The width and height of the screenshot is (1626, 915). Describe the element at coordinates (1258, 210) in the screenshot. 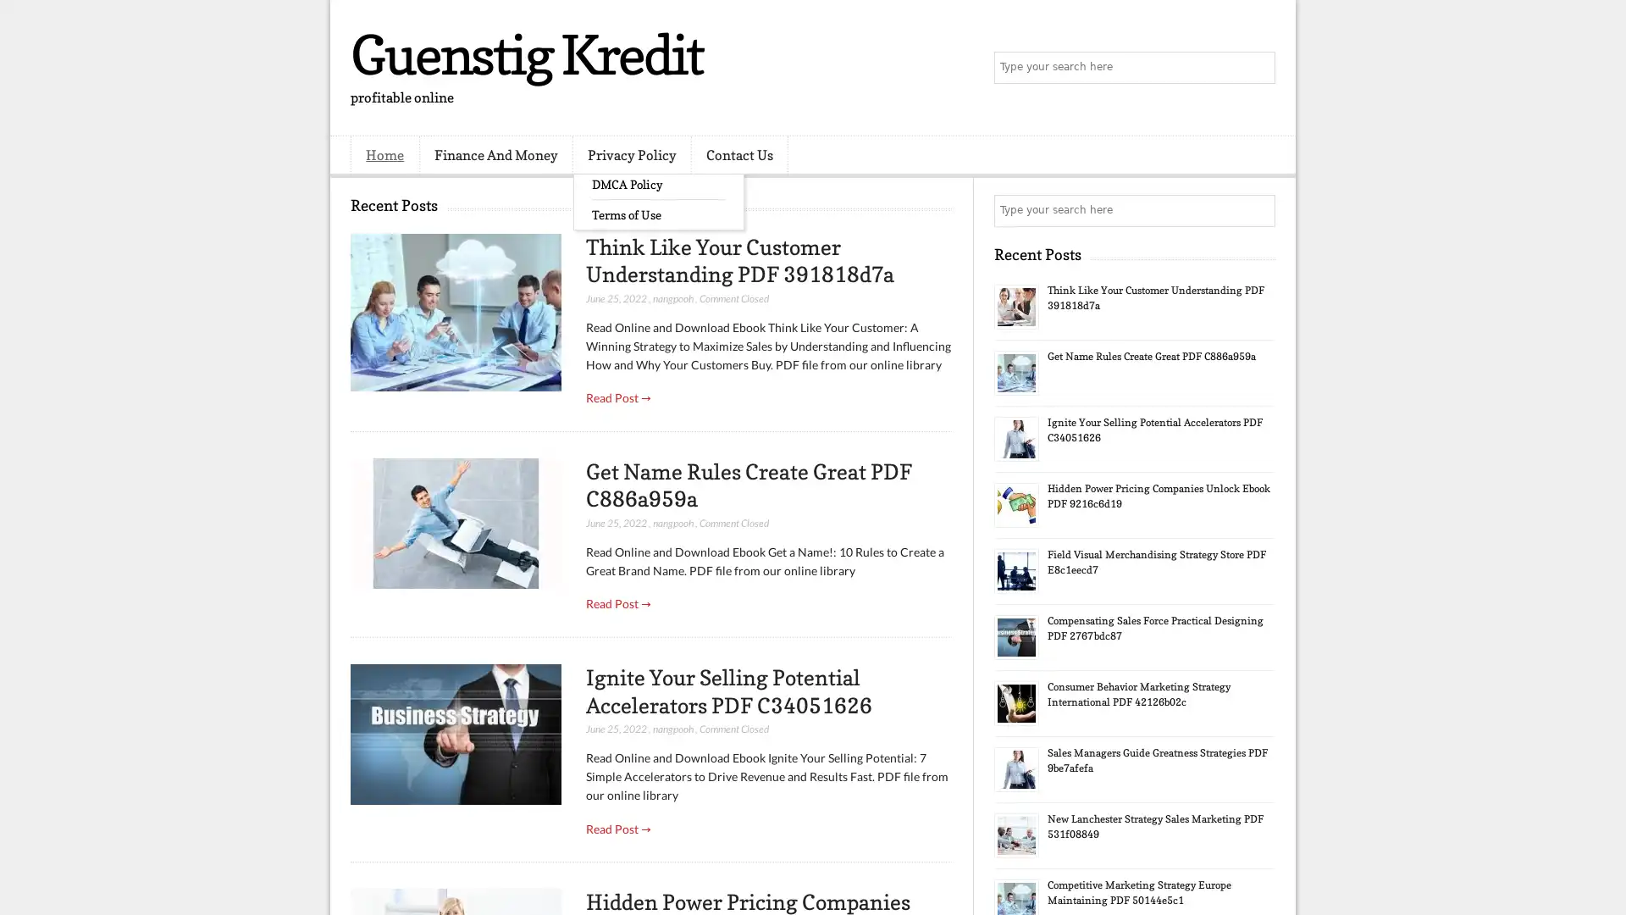

I see `Search` at that location.